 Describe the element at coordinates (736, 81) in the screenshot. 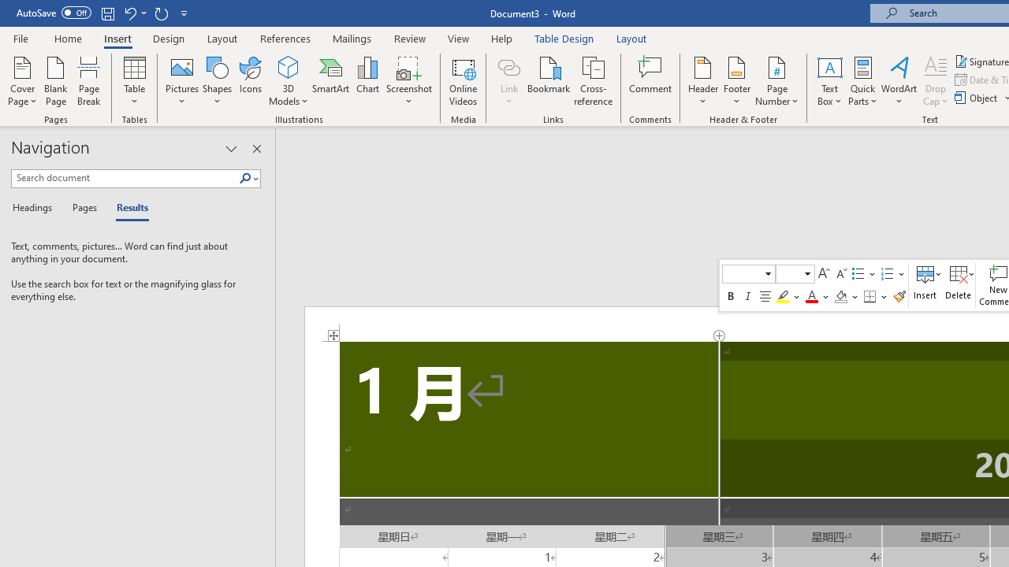

I see `'Footer'` at that location.